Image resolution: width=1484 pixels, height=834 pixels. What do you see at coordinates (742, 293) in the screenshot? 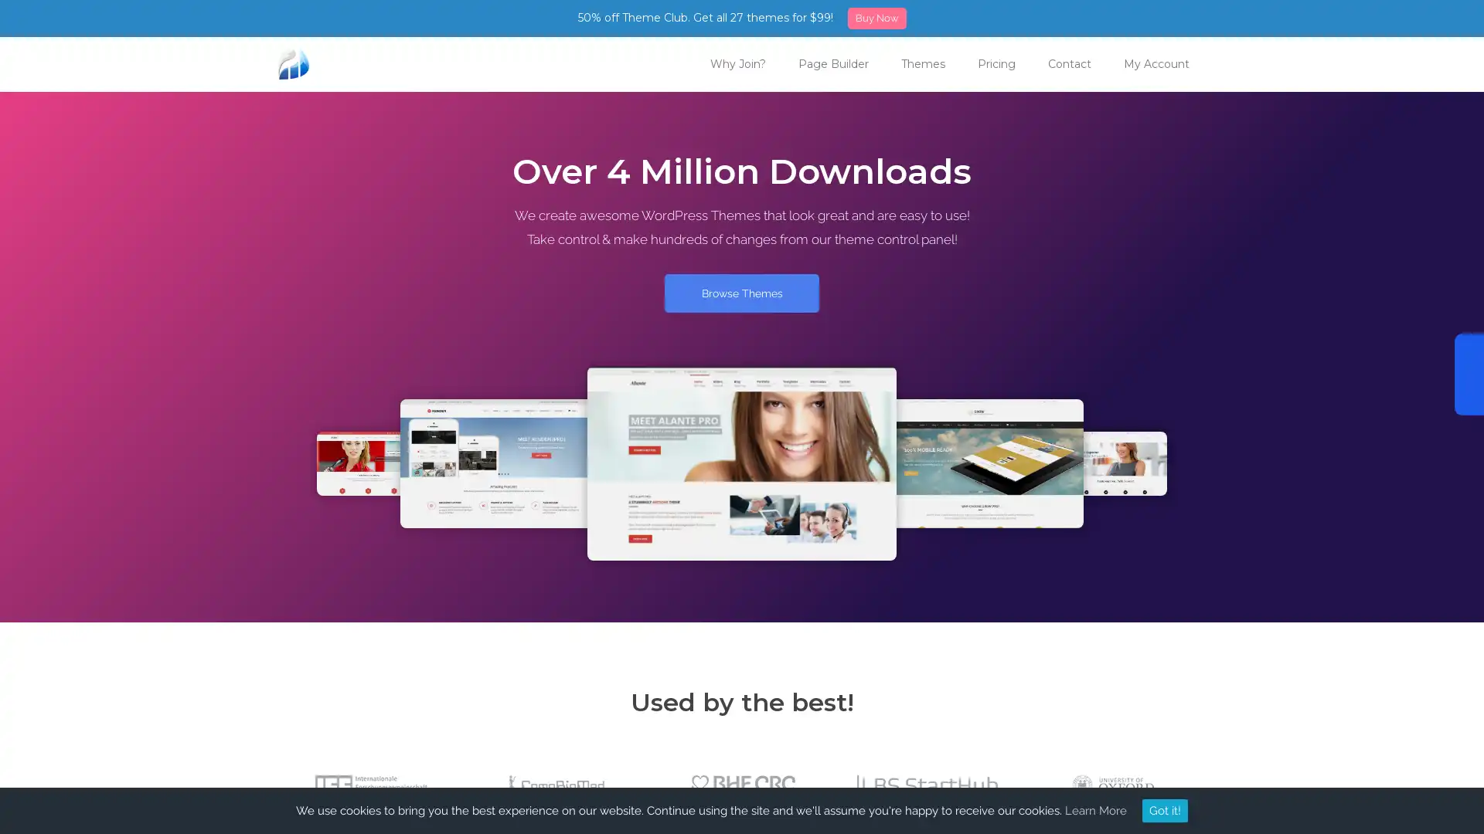
I see `Browse Themes` at bounding box center [742, 293].